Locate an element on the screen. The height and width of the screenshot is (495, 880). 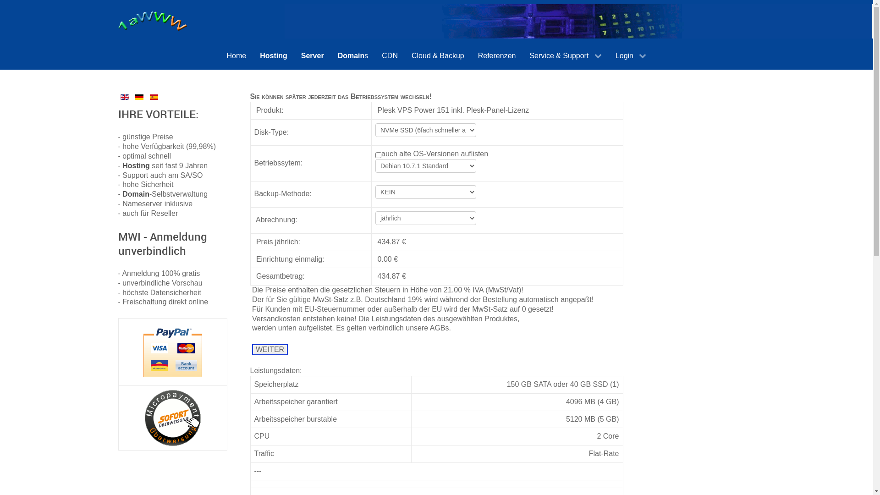
'Referenzen' is located at coordinates (496, 55).